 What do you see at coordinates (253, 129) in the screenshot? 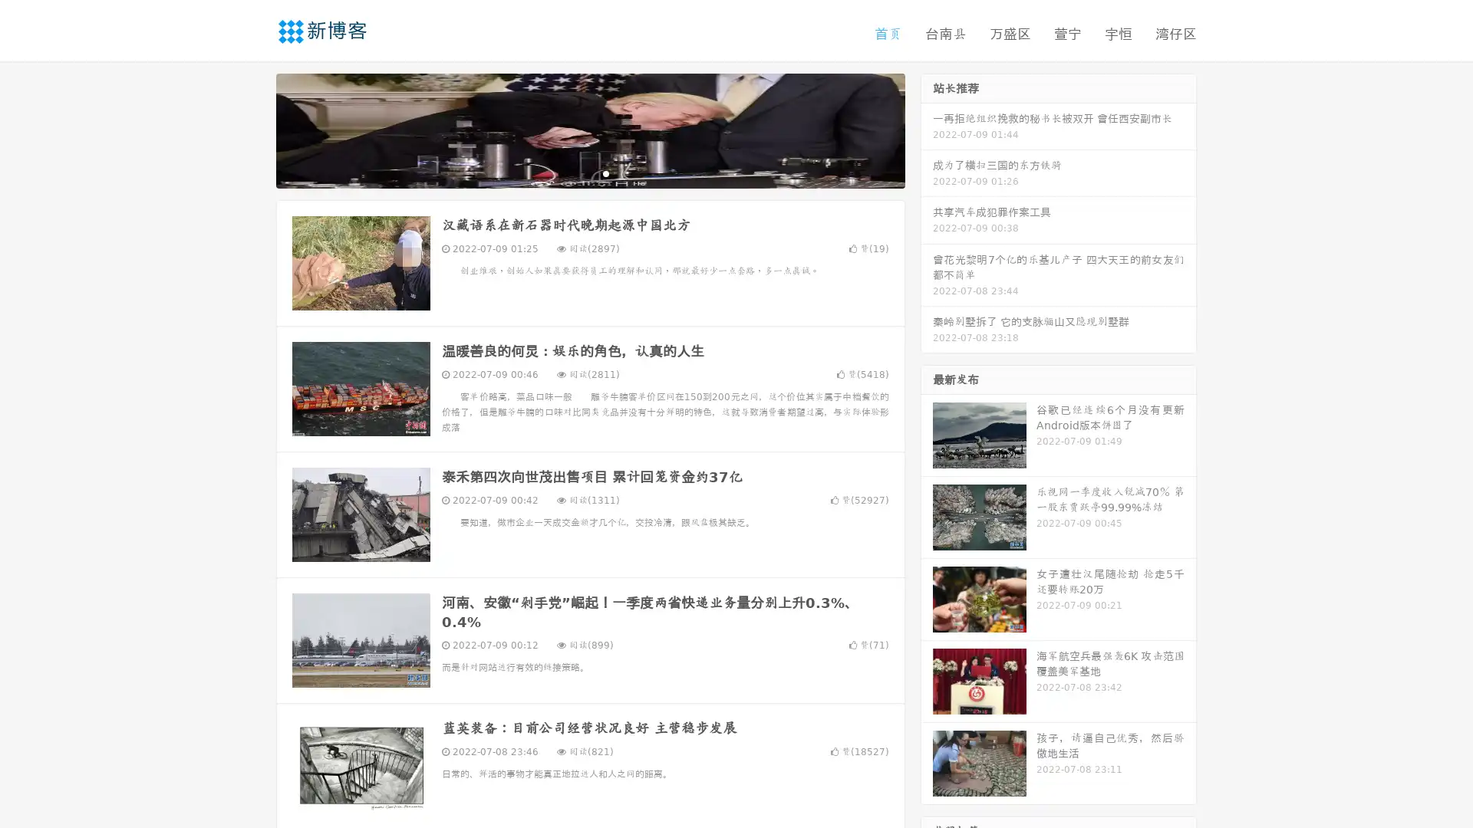
I see `Previous slide` at bounding box center [253, 129].